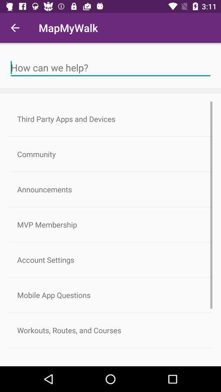 The height and width of the screenshot is (392, 221). What do you see at coordinates (110, 330) in the screenshot?
I see `workouts routes and icon` at bounding box center [110, 330].